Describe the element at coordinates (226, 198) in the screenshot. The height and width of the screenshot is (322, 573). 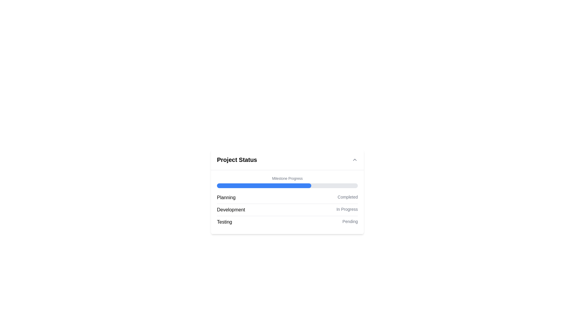
I see `the 'Planning' text label located in the 'Project Status' section, which is aligned to the left side of its row` at that location.